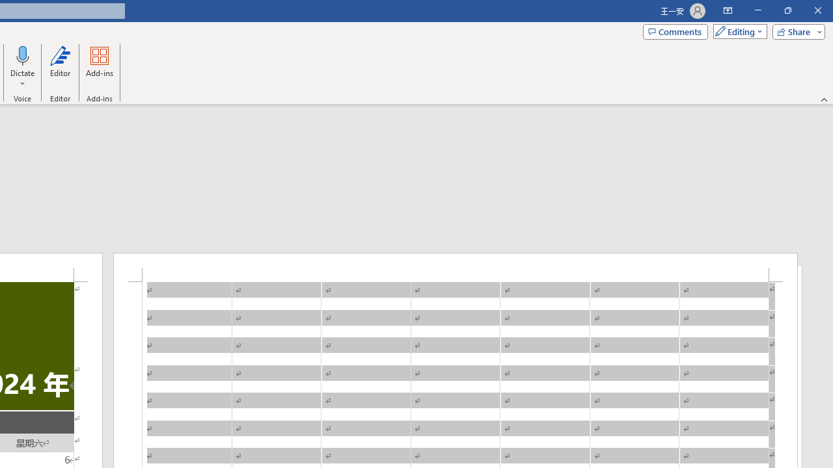 Image resolution: width=833 pixels, height=468 pixels. Describe the element at coordinates (59, 67) in the screenshot. I see `'Editor'` at that location.